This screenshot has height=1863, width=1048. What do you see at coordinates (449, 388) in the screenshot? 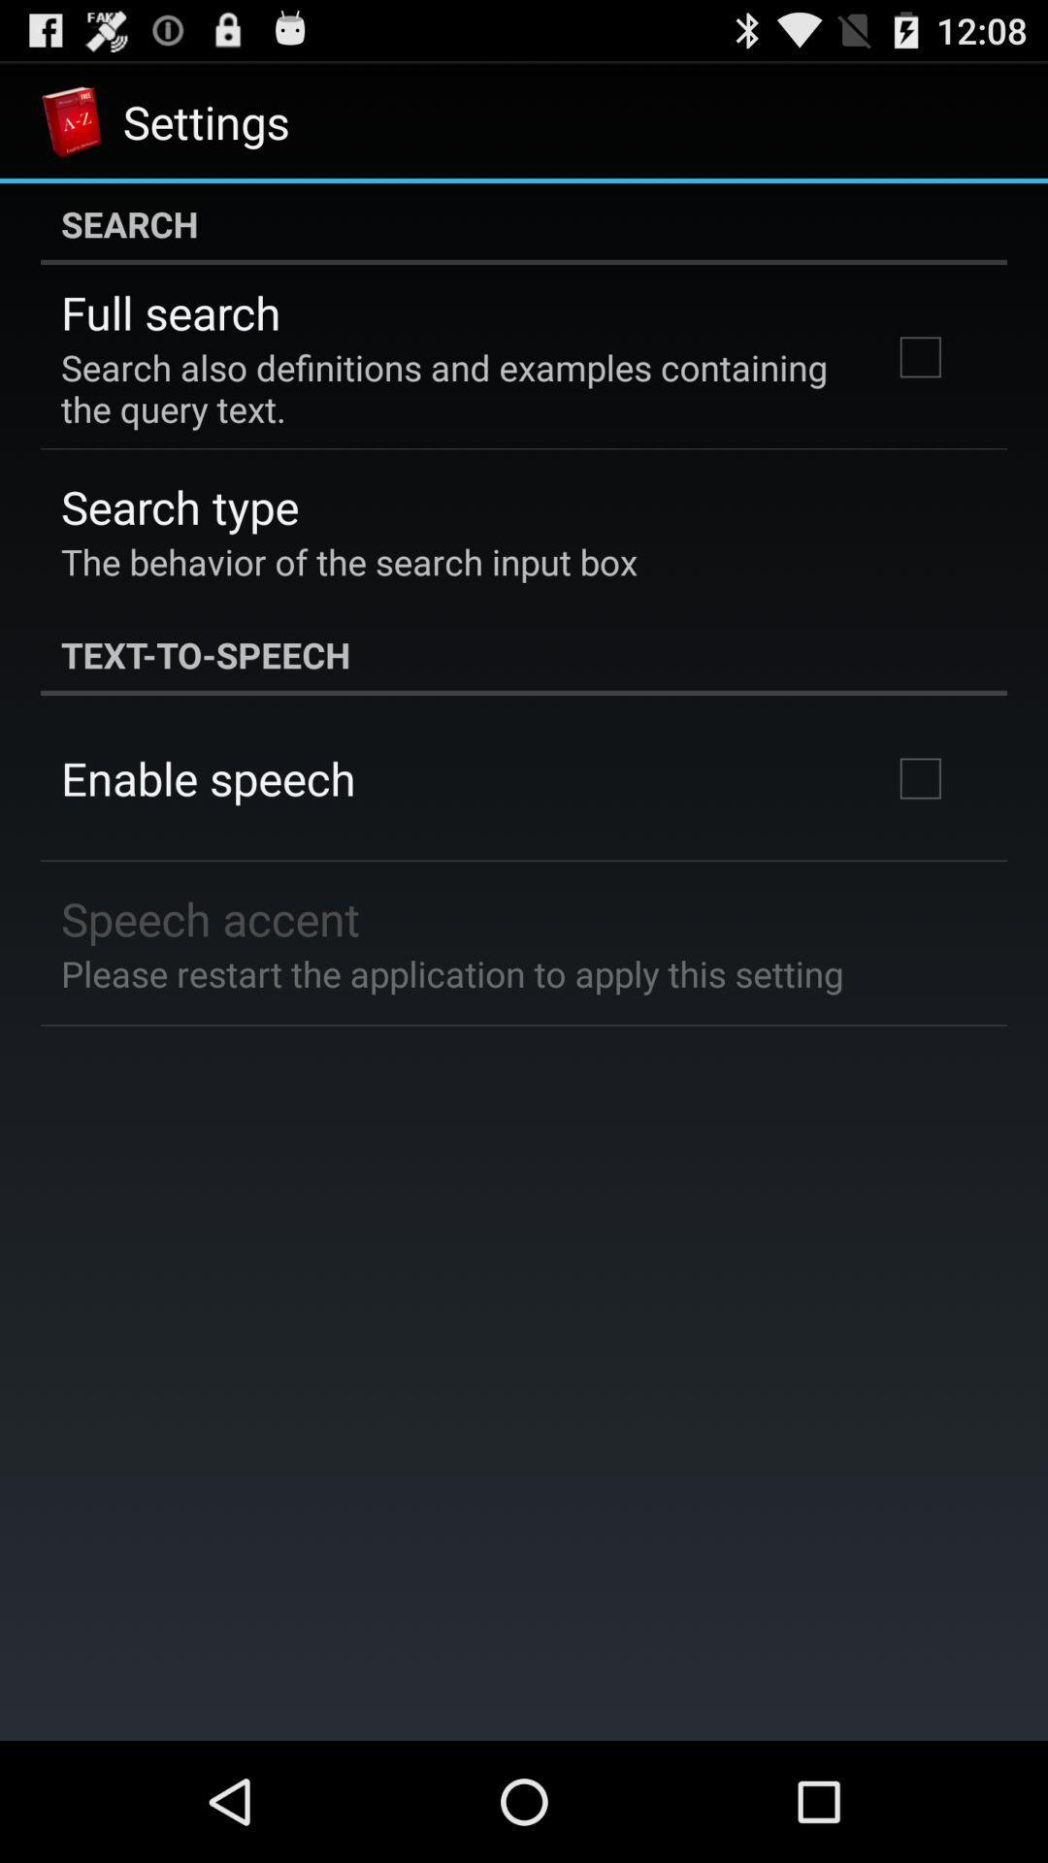
I see `item above search type app` at bounding box center [449, 388].